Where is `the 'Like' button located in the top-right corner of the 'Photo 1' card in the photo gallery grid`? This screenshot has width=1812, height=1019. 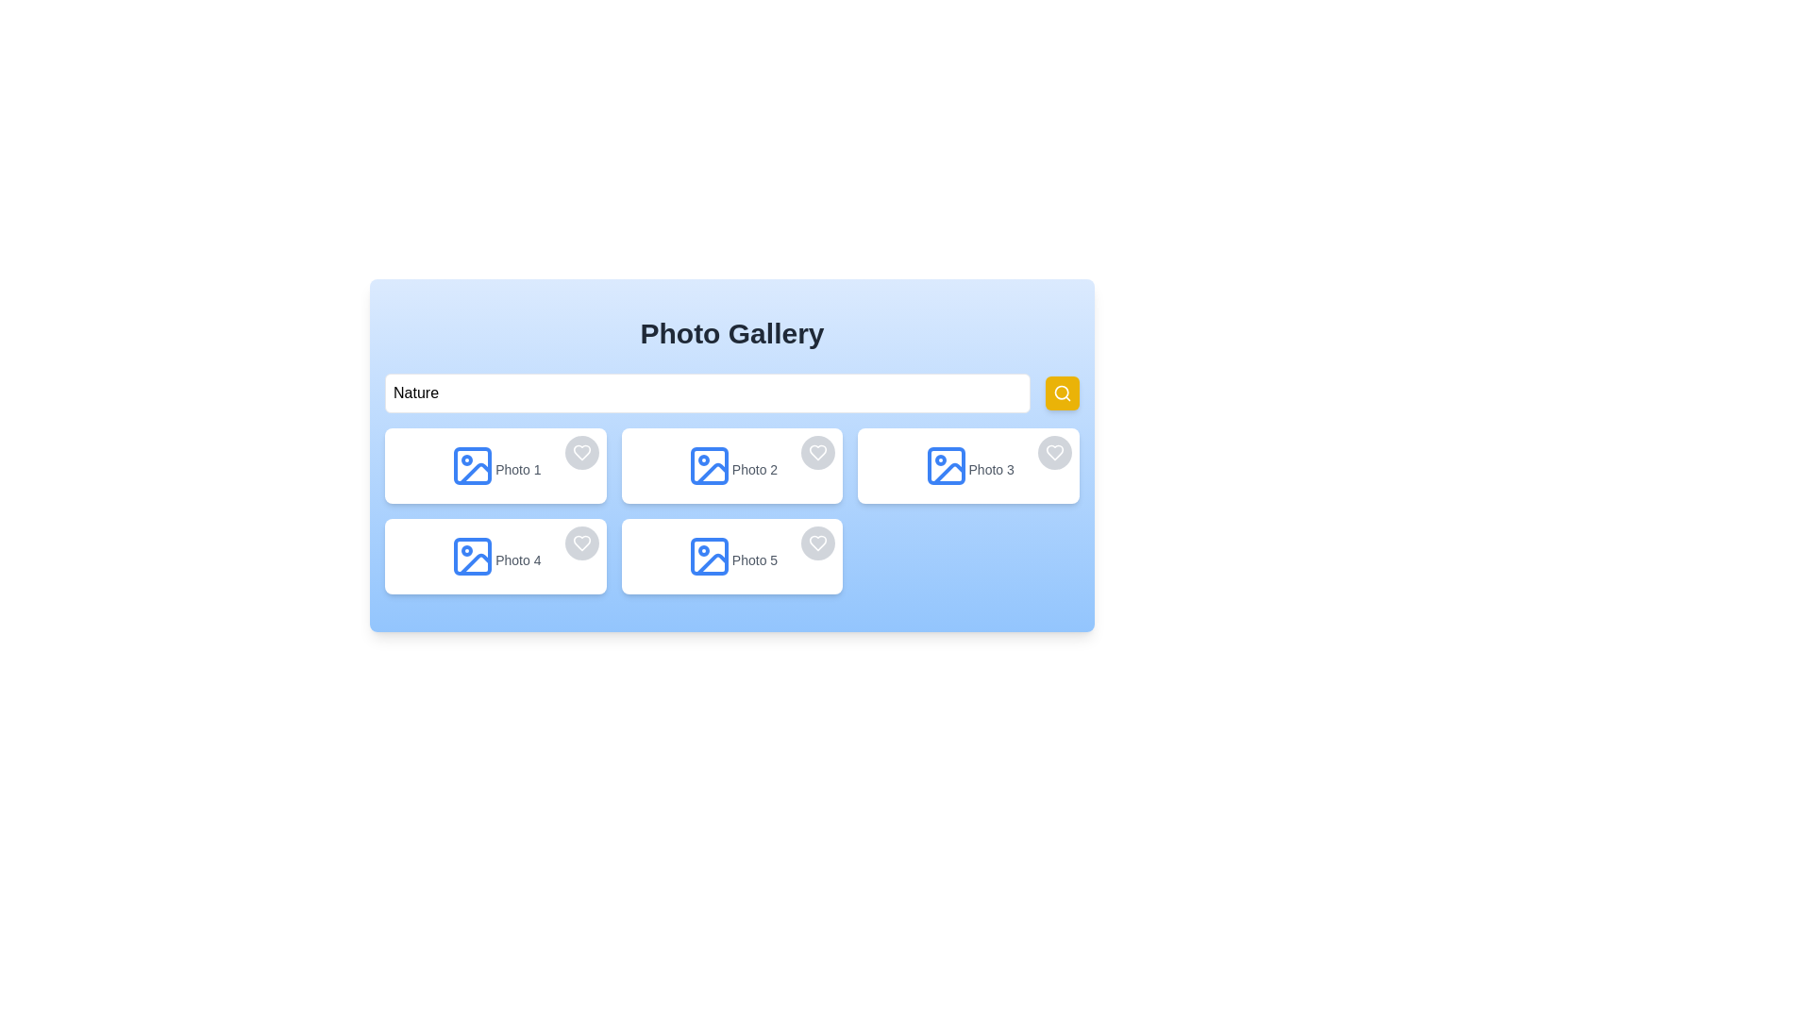
the 'Like' button located in the top-right corner of the 'Photo 1' card in the photo gallery grid is located at coordinates (580, 452).